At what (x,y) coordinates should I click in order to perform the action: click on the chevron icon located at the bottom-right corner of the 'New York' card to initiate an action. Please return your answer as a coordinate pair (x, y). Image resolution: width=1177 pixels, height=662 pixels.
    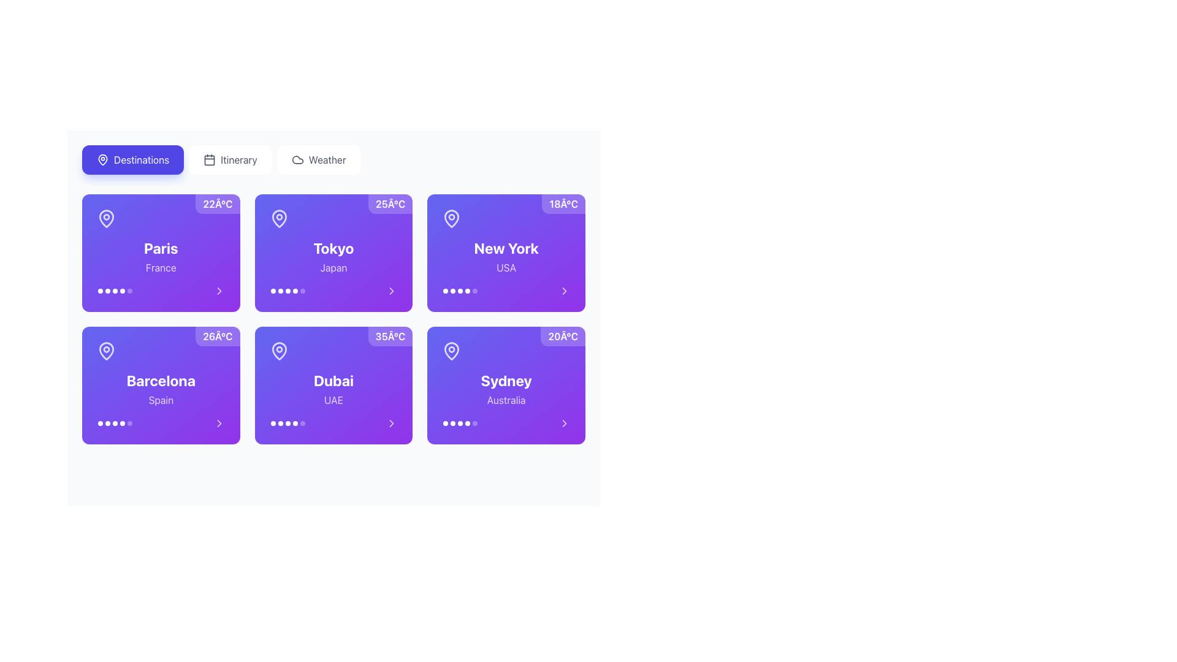
    Looking at the image, I should click on (564, 291).